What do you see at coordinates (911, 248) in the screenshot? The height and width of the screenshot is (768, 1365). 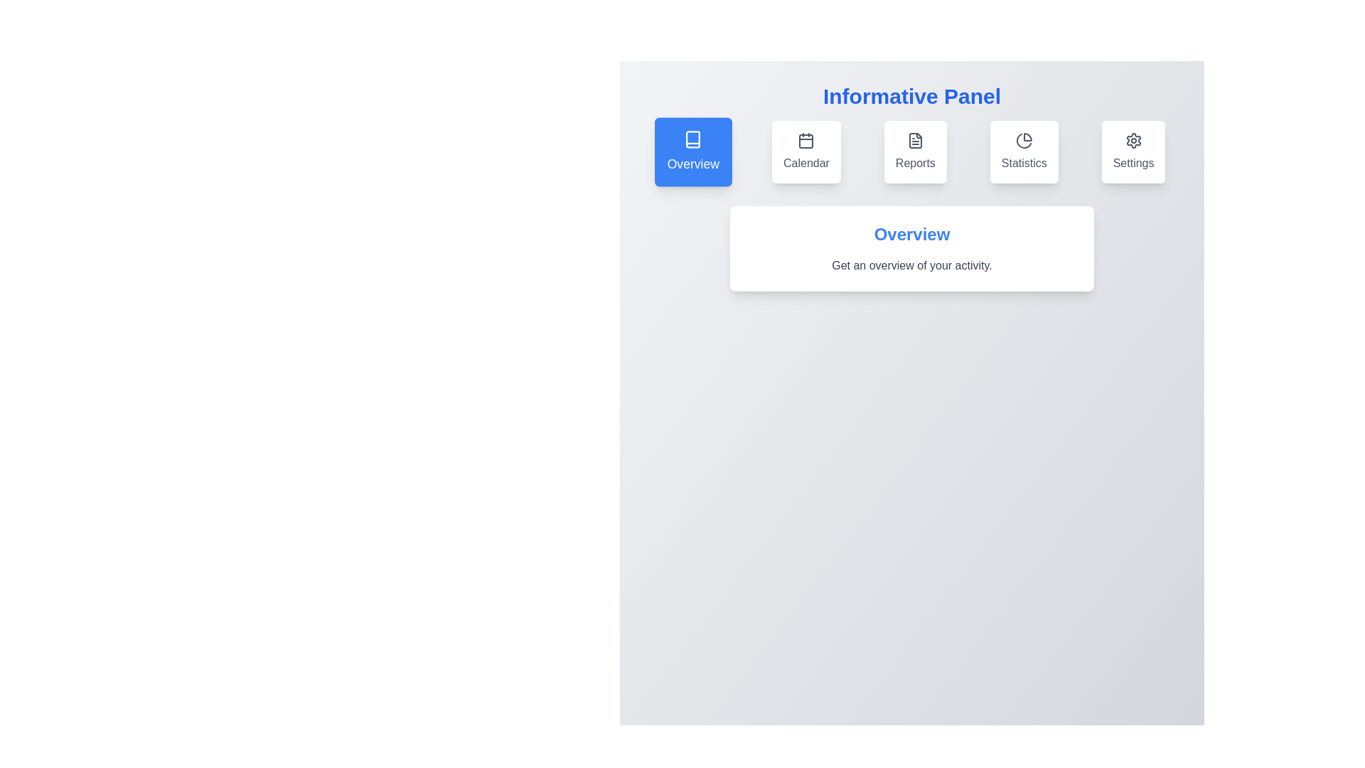 I see `the Information Panel, which provides introductory information about the 'Overview' section of the application, located centrally below the navigation icons` at bounding box center [911, 248].